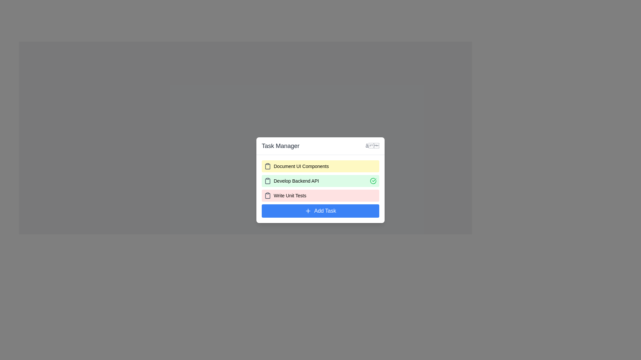  I want to click on the clipboard icon located to the left of the text 'Write Unit Tests' in the task manager interface, so click(267, 195).